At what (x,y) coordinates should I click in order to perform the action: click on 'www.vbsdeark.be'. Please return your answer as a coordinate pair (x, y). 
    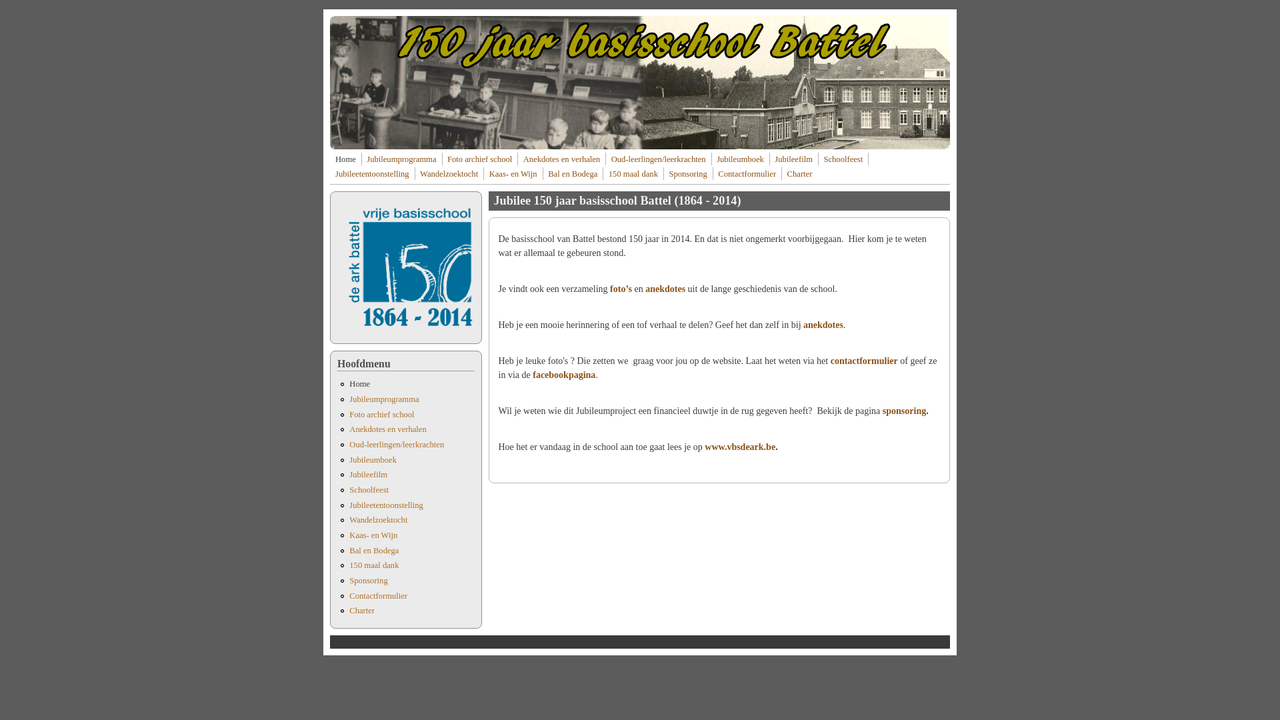
    Looking at the image, I should click on (703, 447).